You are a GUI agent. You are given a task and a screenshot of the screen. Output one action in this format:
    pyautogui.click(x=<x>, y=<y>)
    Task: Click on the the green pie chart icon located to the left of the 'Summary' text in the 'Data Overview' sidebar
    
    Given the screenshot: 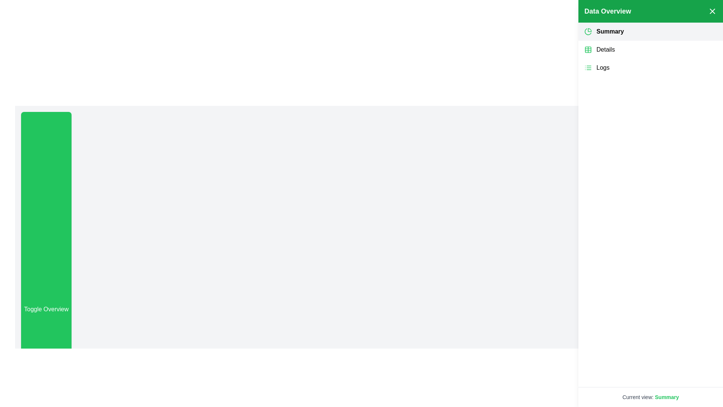 What is the action you would take?
    pyautogui.click(x=587, y=31)
    